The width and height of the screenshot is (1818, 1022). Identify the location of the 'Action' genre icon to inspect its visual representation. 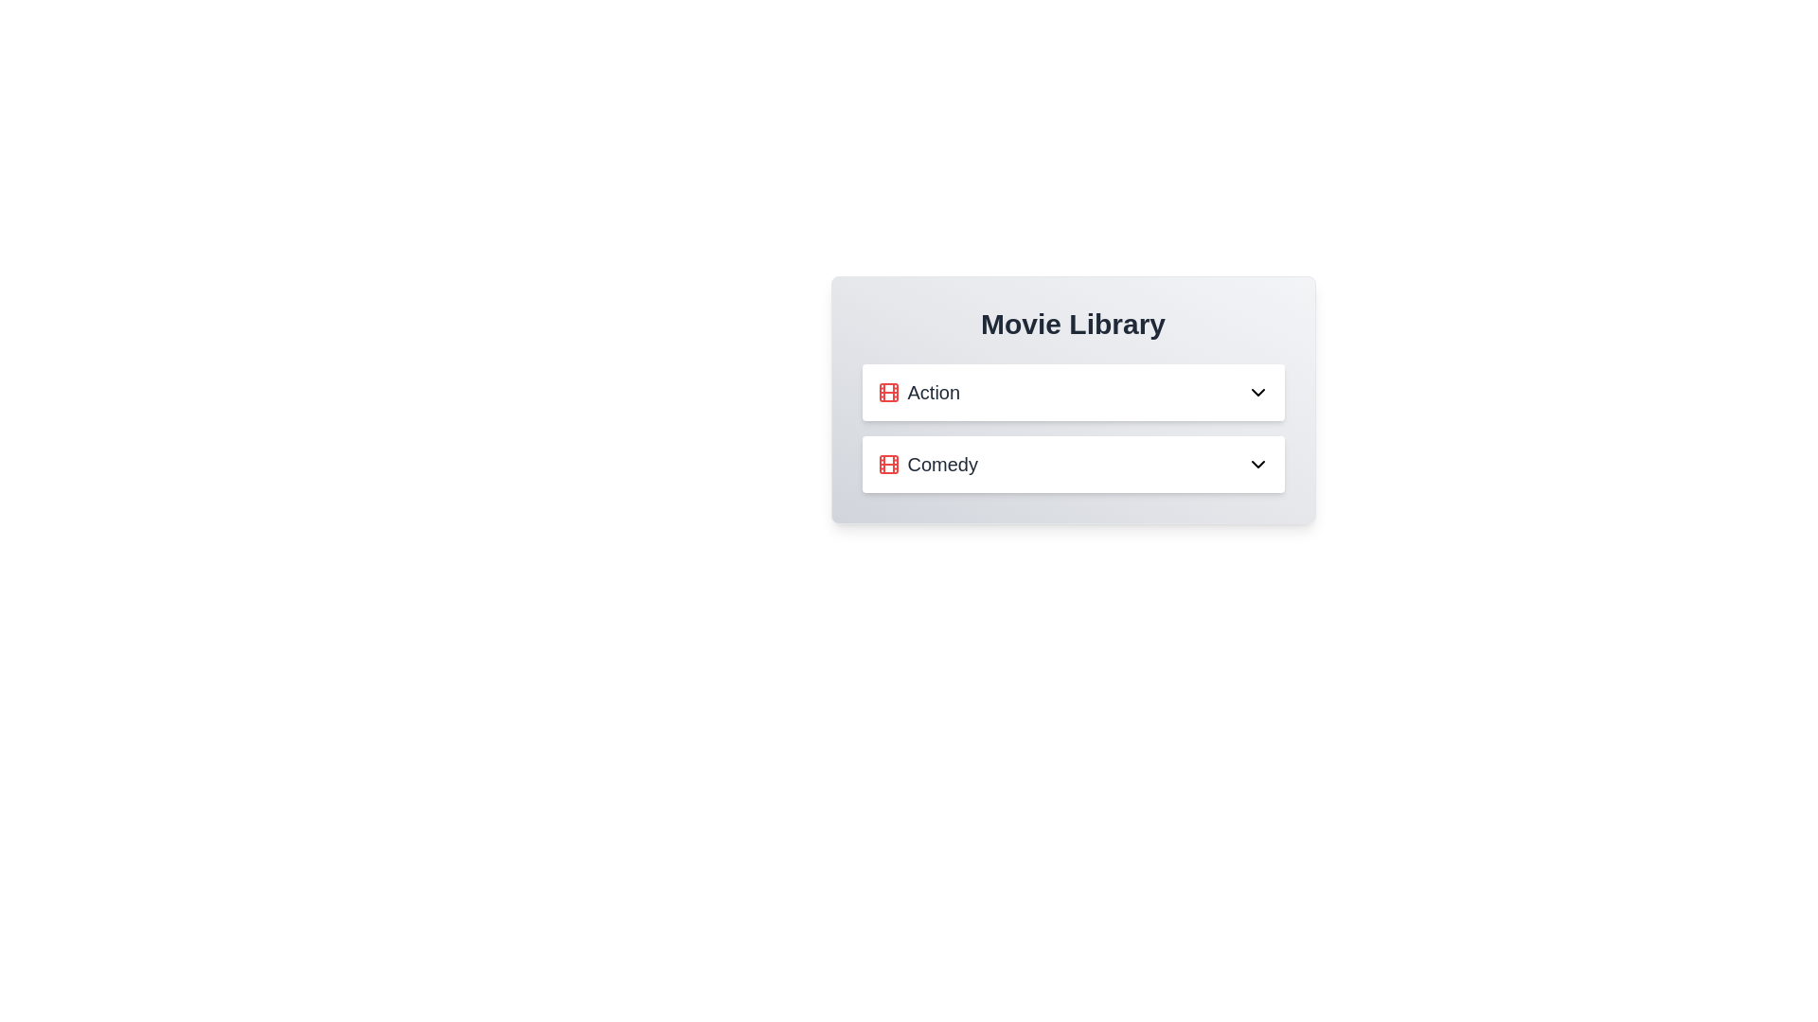
(887, 392).